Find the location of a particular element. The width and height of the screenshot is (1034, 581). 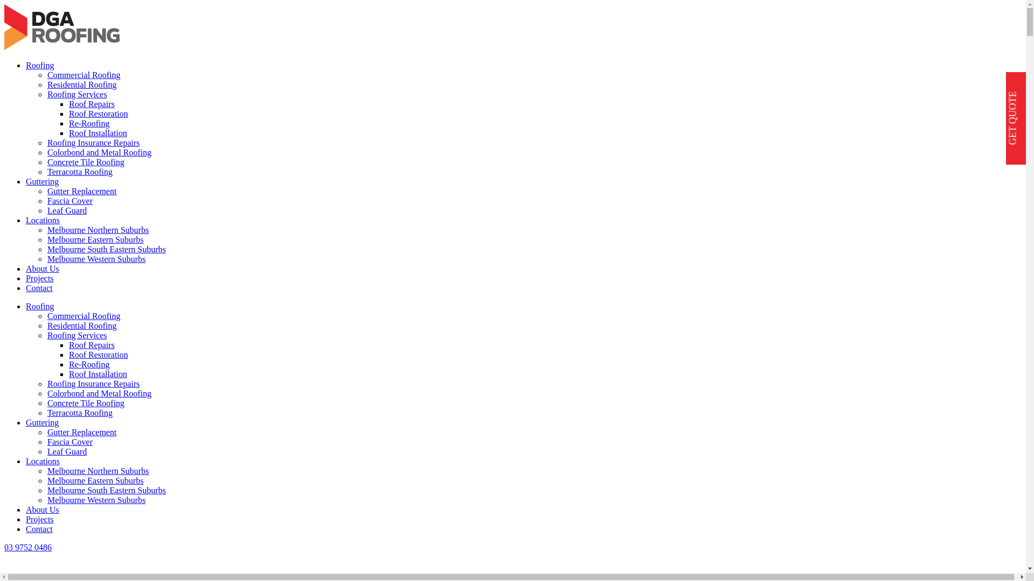

'Commercial Roofing' is located at coordinates (46, 74).